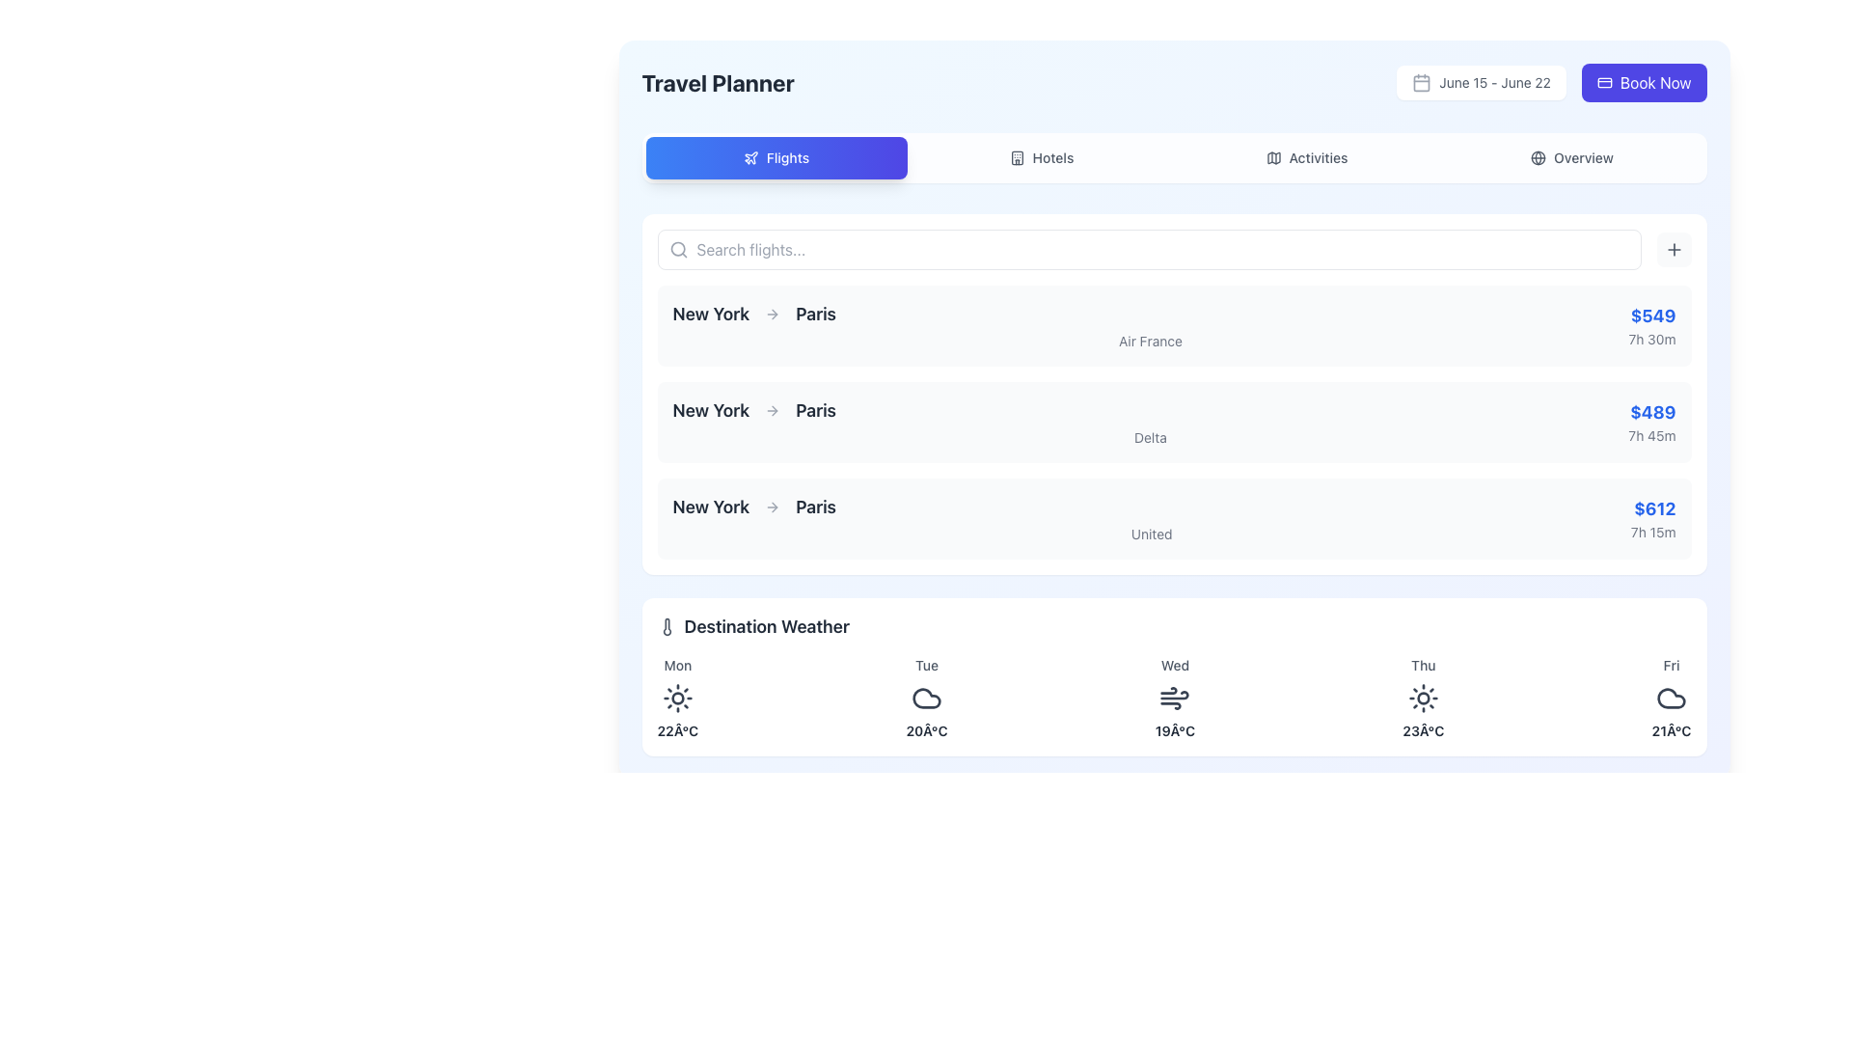 Image resolution: width=1852 pixels, height=1042 pixels. I want to click on the cloud icon in the weather forecast for Friday, which is located below the text 'Fri' and above the temperature '21°C', so click(1670, 699).